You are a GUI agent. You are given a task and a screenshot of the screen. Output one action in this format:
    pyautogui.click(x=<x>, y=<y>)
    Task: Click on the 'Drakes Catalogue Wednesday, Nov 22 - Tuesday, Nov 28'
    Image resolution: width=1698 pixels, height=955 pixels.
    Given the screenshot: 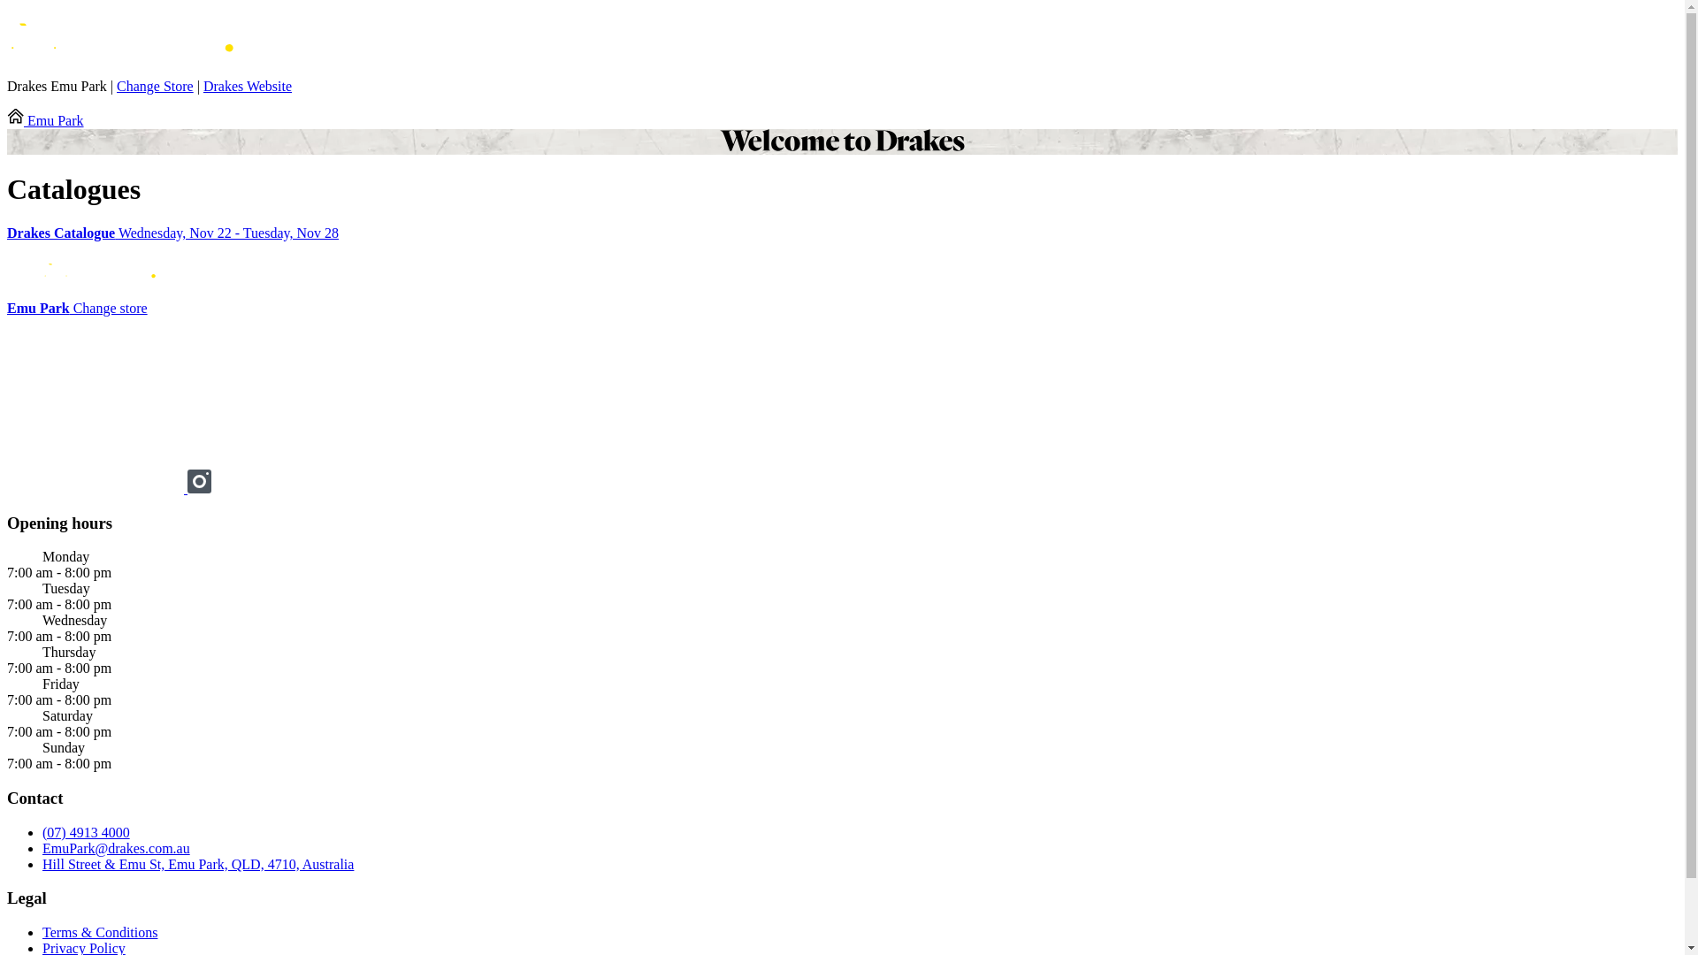 What is the action you would take?
    pyautogui.click(x=841, y=232)
    